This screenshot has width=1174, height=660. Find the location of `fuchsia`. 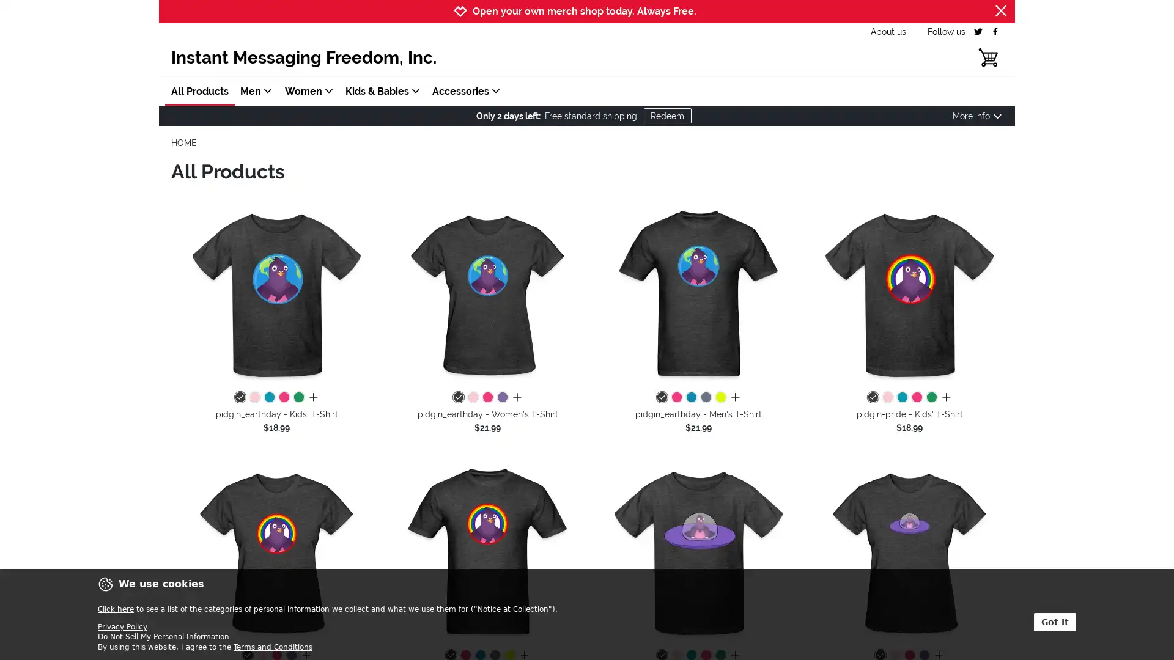

fuchsia is located at coordinates (486, 398).